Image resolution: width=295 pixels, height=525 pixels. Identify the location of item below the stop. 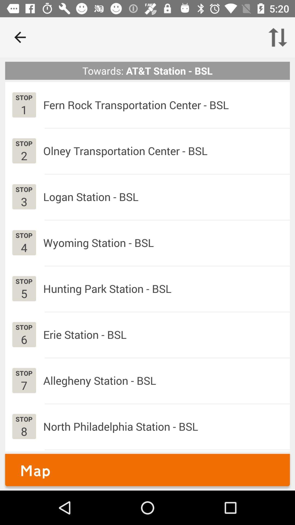
(24, 109).